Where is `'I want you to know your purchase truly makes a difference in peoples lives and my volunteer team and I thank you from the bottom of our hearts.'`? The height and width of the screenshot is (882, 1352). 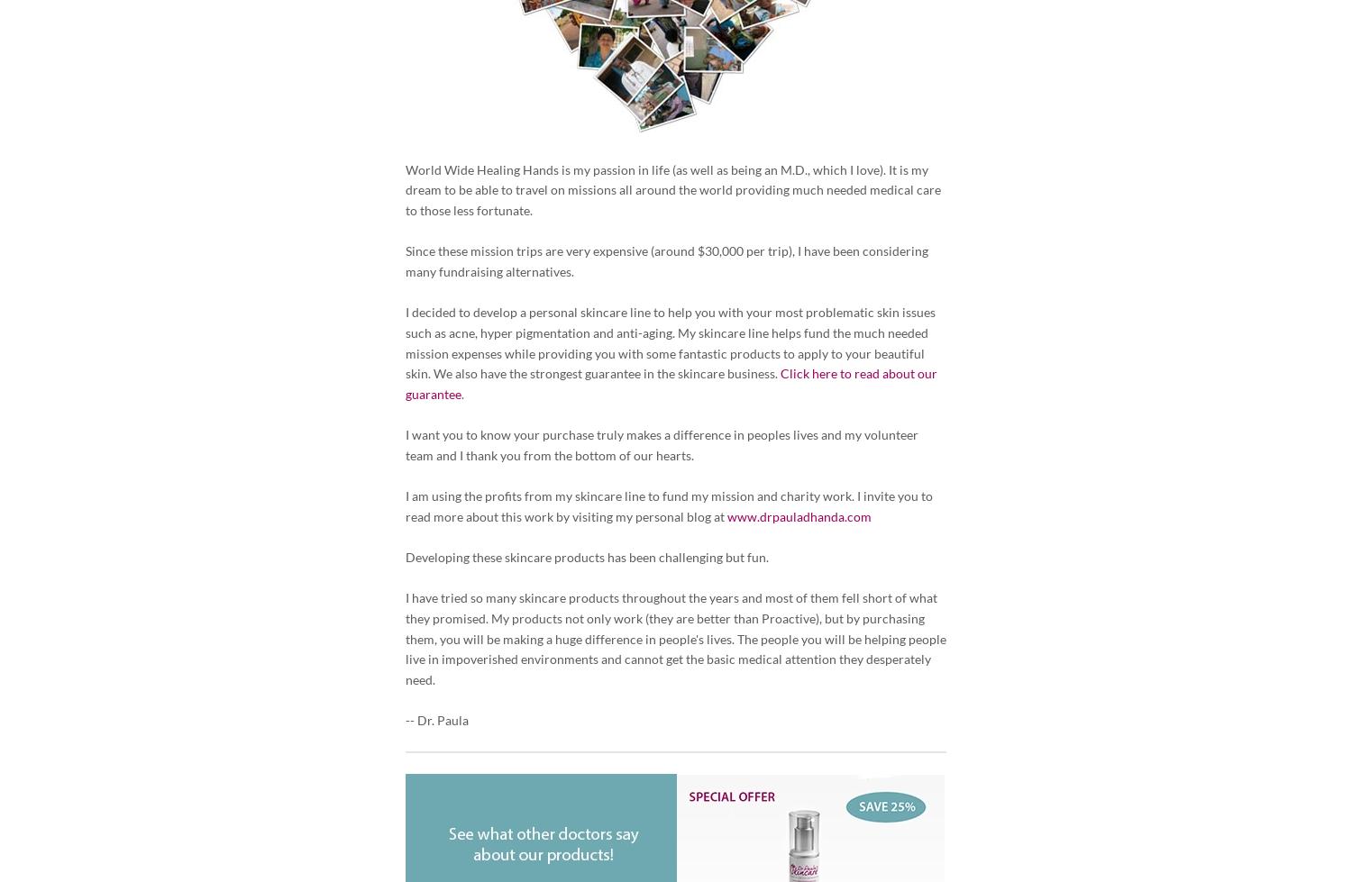 'I want you to know your purchase truly makes a difference in peoples lives and my volunteer team and I thank you from the bottom of our hearts.' is located at coordinates (661, 444).